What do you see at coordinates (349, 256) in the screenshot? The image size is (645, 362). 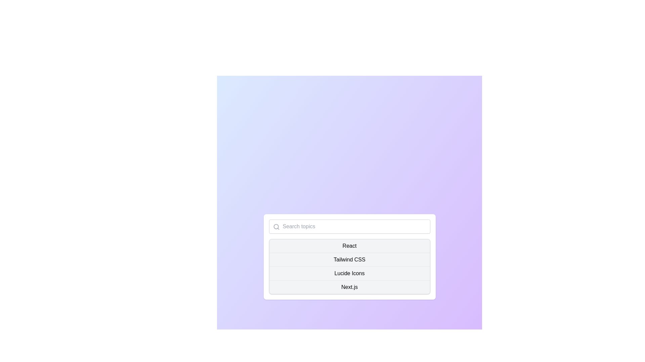 I see `the 'Tailwind CSS' item in the list` at bounding box center [349, 256].